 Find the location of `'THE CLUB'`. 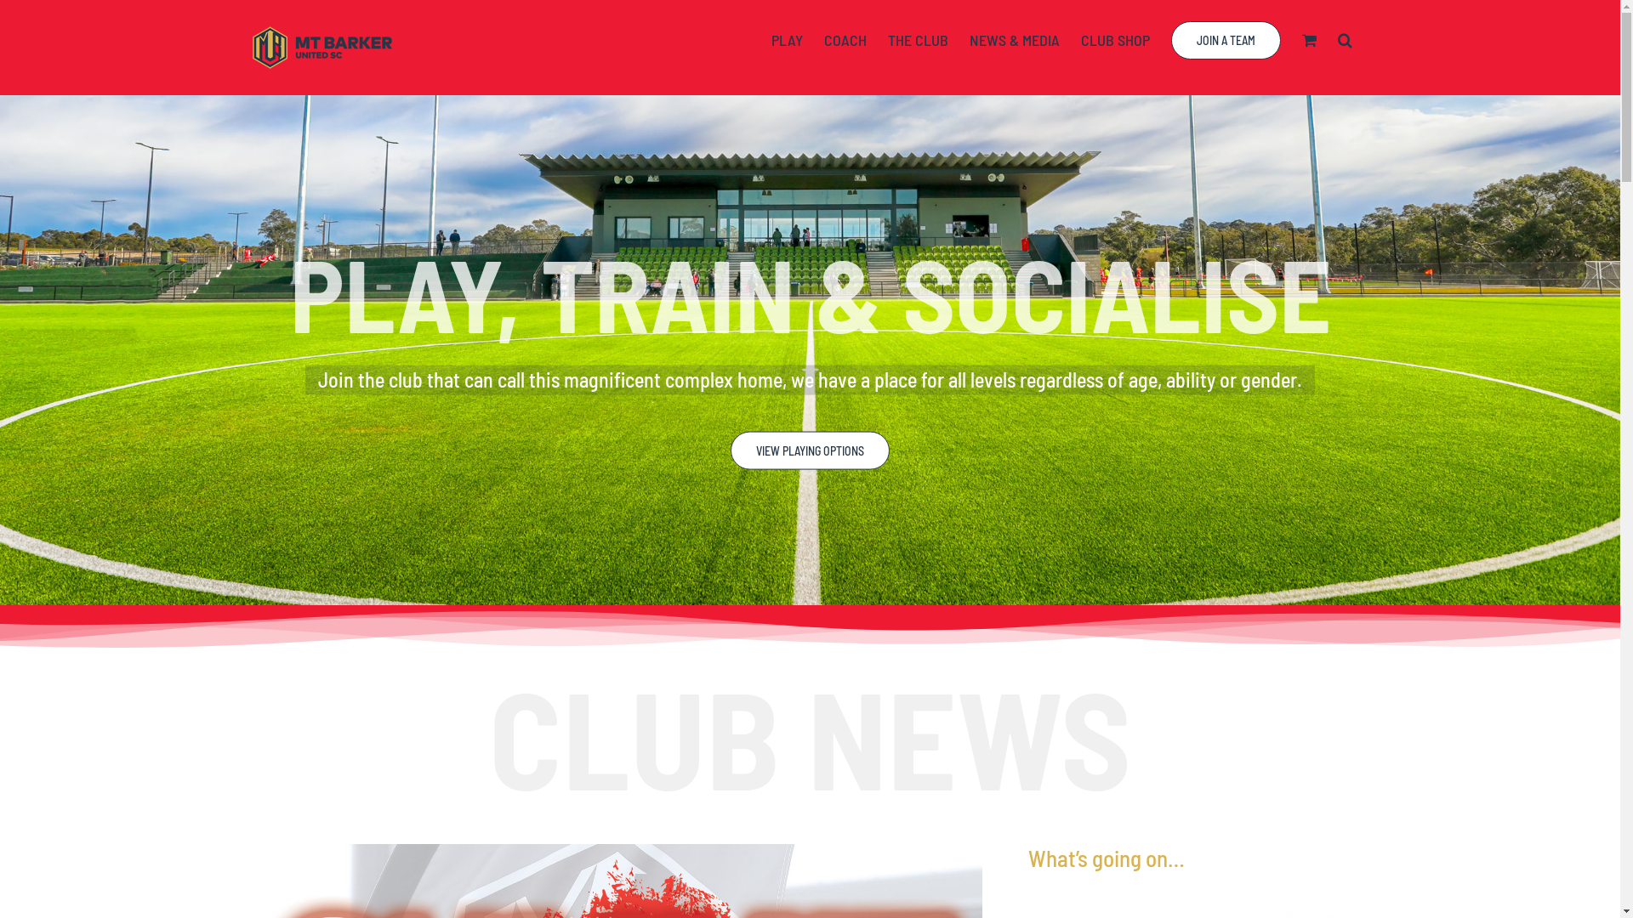

'THE CLUB' is located at coordinates (917, 38).